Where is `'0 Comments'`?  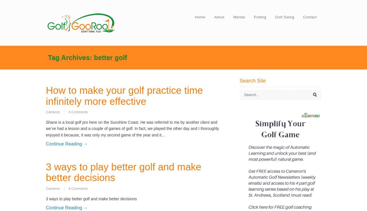 '0 Comments' is located at coordinates (78, 112).